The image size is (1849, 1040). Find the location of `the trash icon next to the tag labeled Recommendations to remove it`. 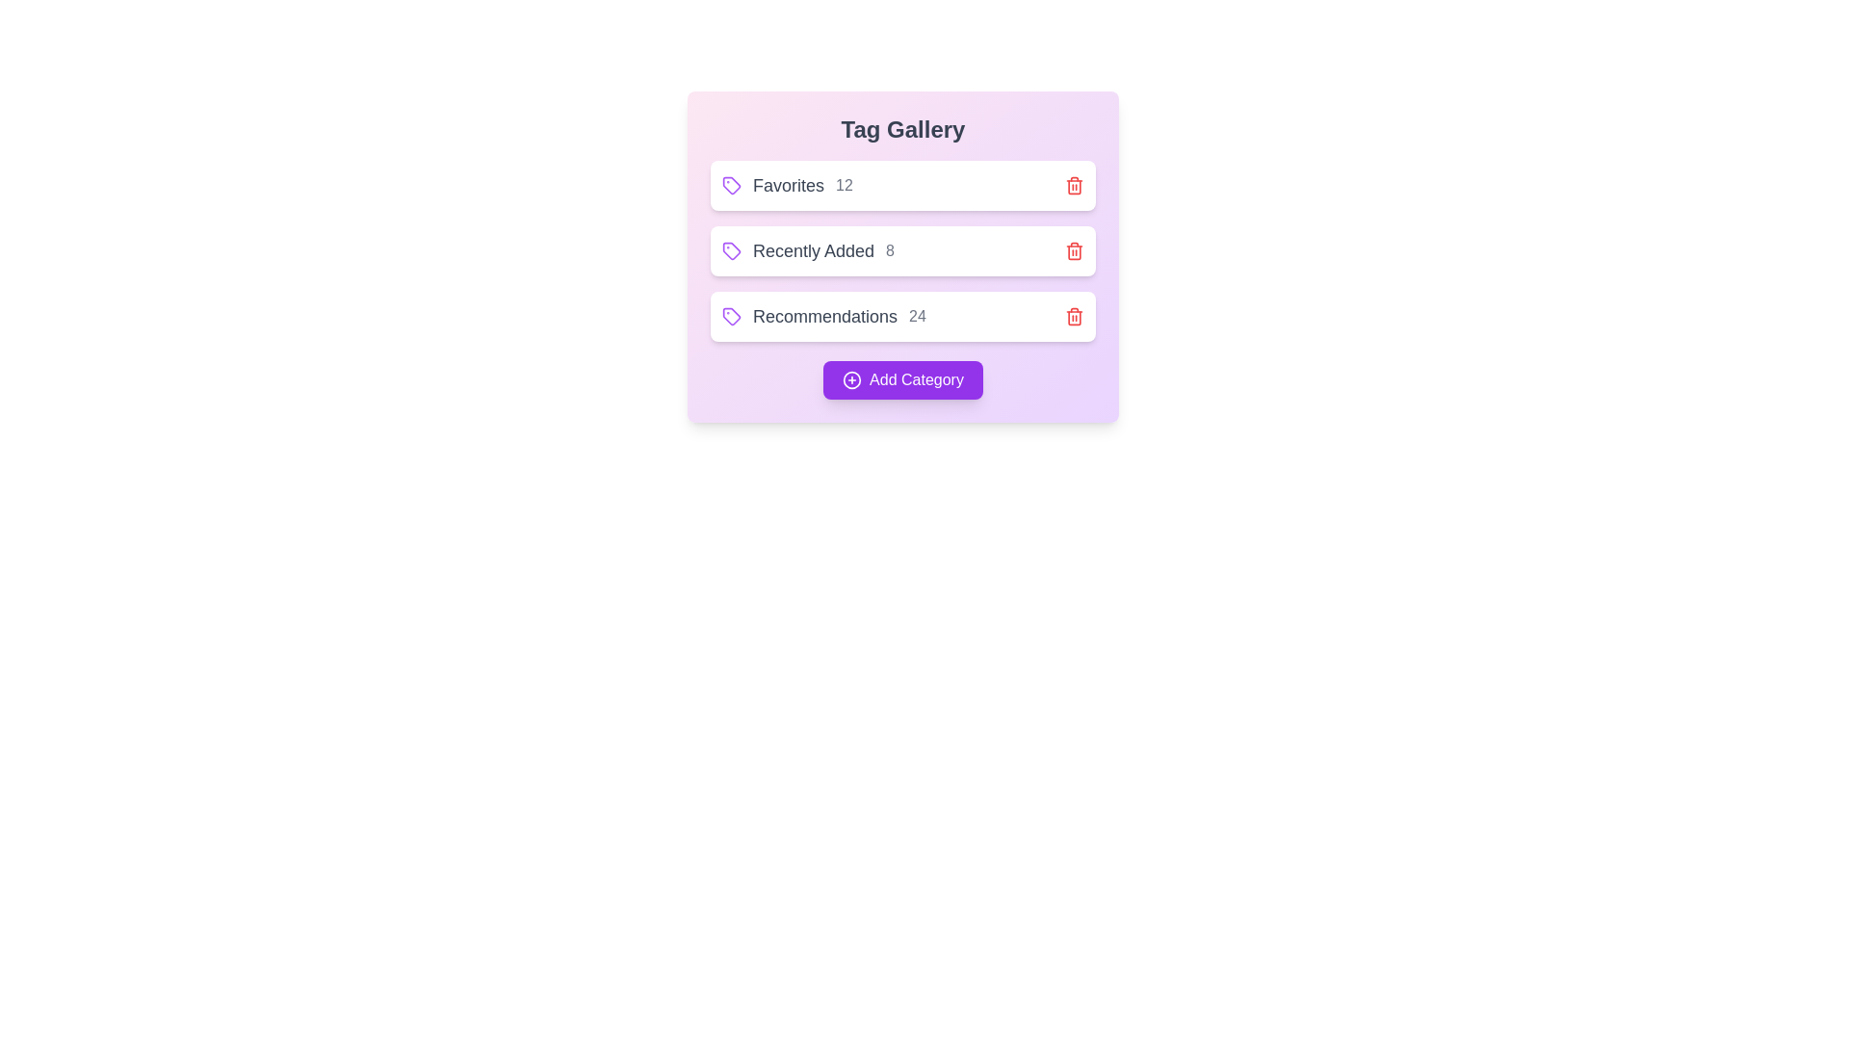

the trash icon next to the tag labeled Recommendations to remove it is located at coordinates (1074, 315).